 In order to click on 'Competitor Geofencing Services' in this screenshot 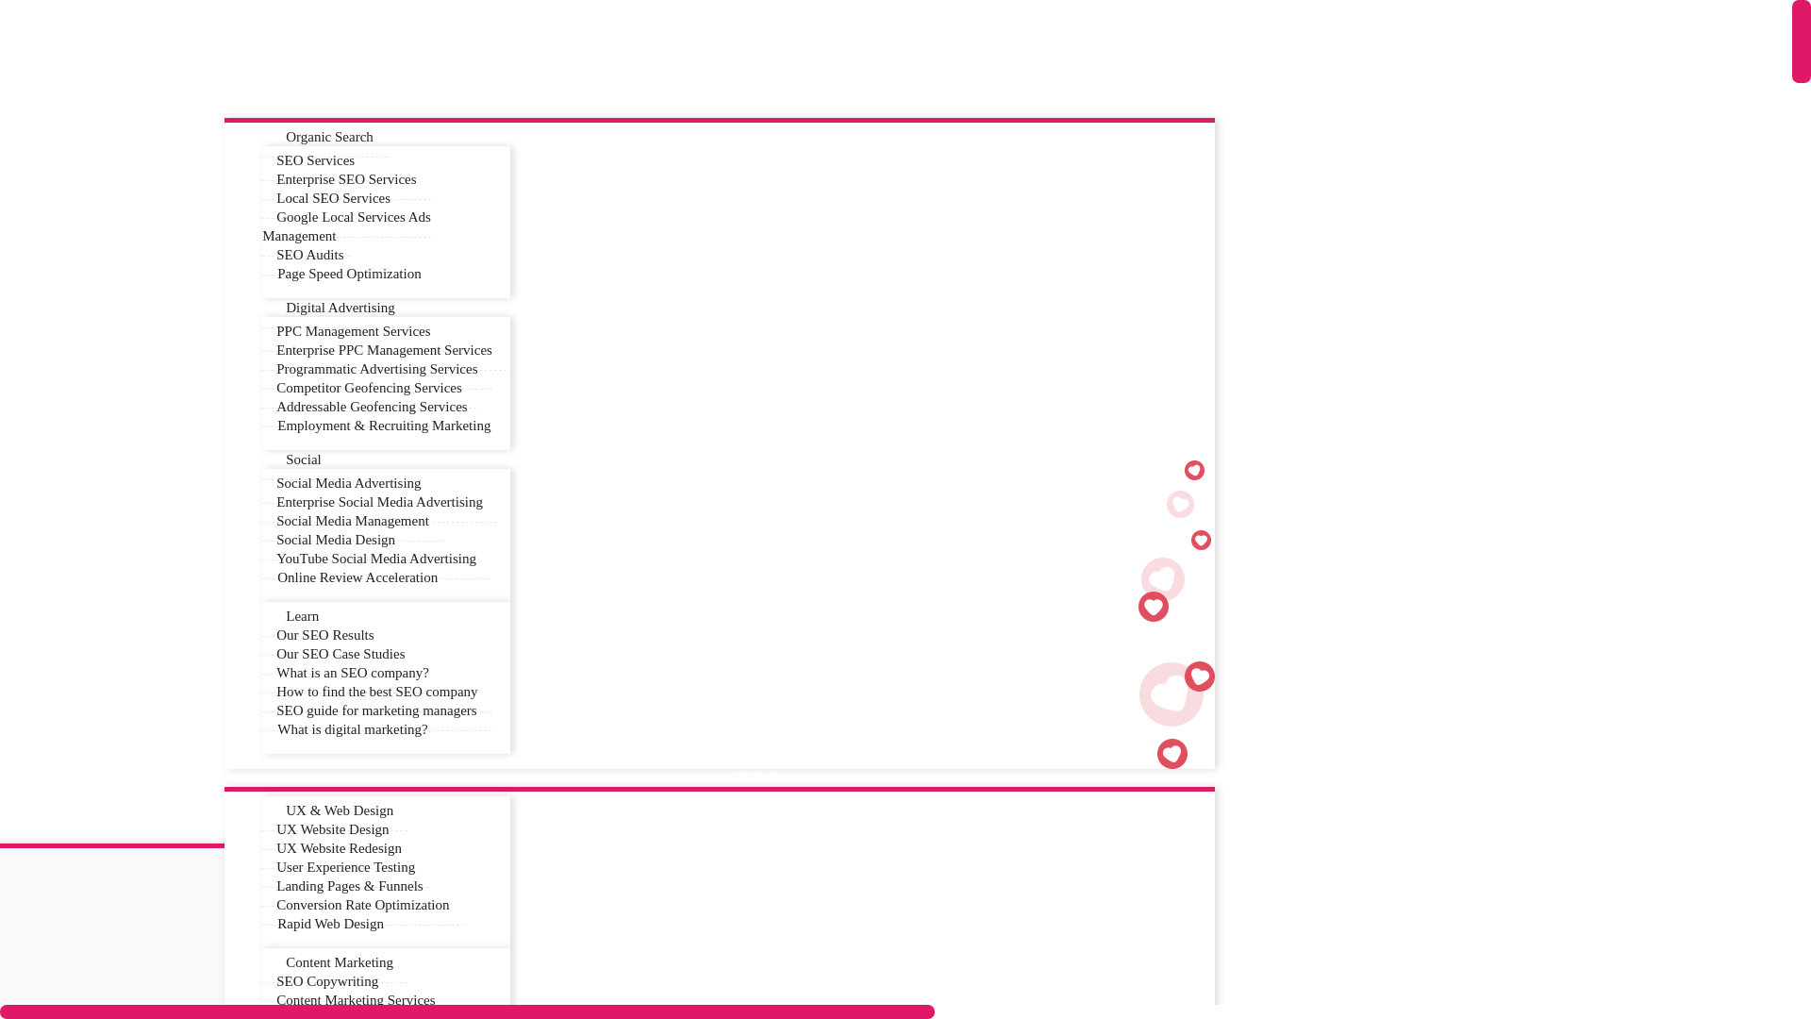, I will do `click(369, 387)`.